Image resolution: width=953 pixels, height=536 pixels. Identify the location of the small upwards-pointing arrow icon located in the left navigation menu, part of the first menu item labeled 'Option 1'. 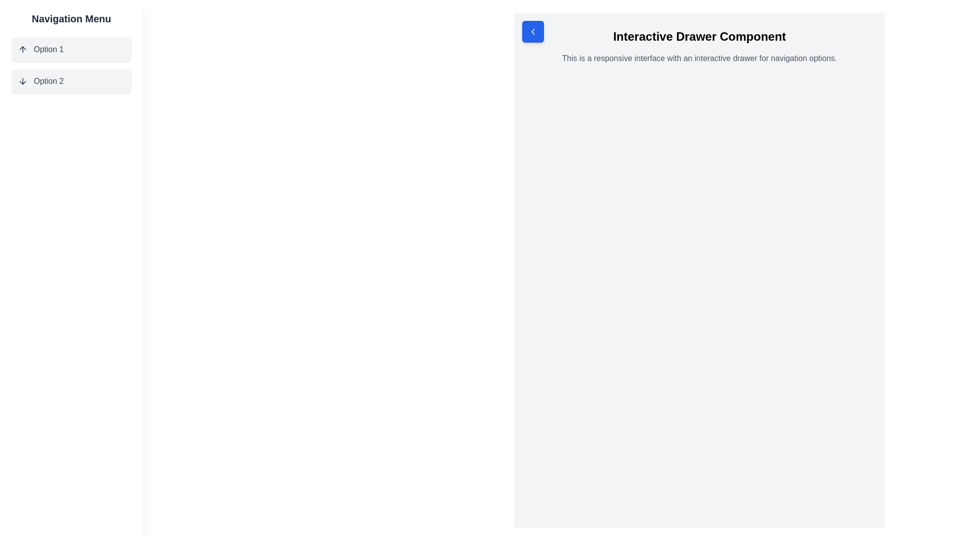
(23, 50).